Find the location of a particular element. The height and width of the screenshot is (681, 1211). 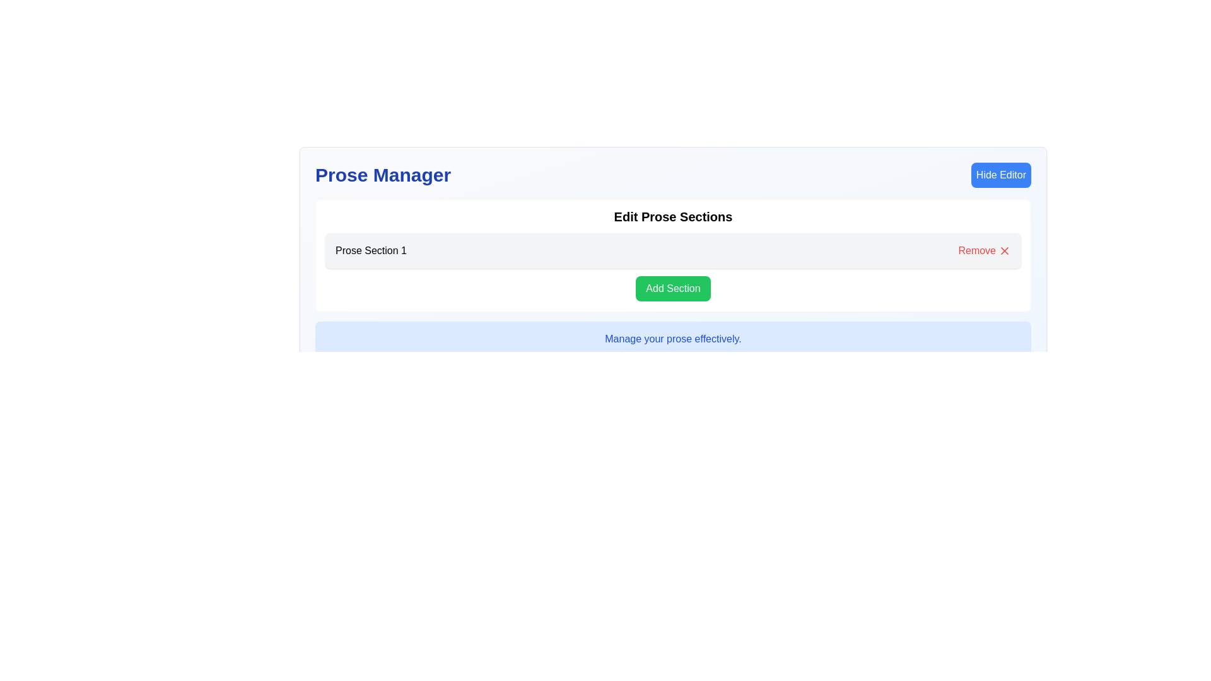

keyboard navigation is located at coordinates (1004, 250).